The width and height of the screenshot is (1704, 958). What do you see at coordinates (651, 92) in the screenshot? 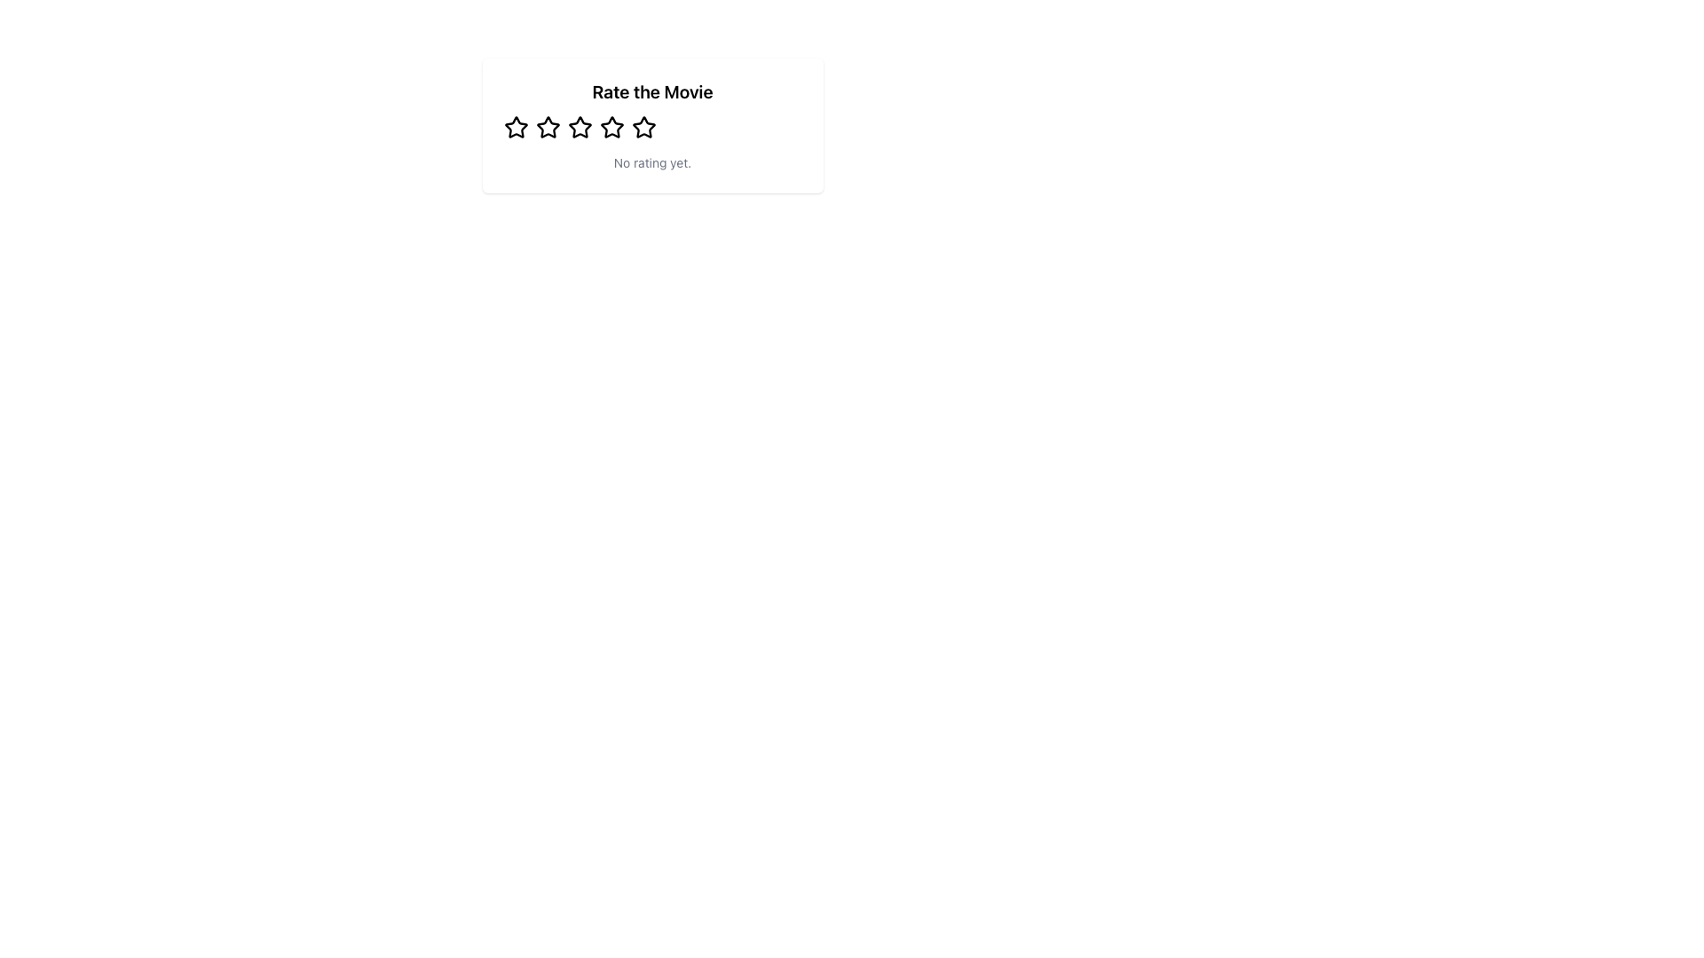
I see `the bold text label that says 'Rate the Movie', which is positioned at the top of the rating feature section` at bounding box center [651, 92].